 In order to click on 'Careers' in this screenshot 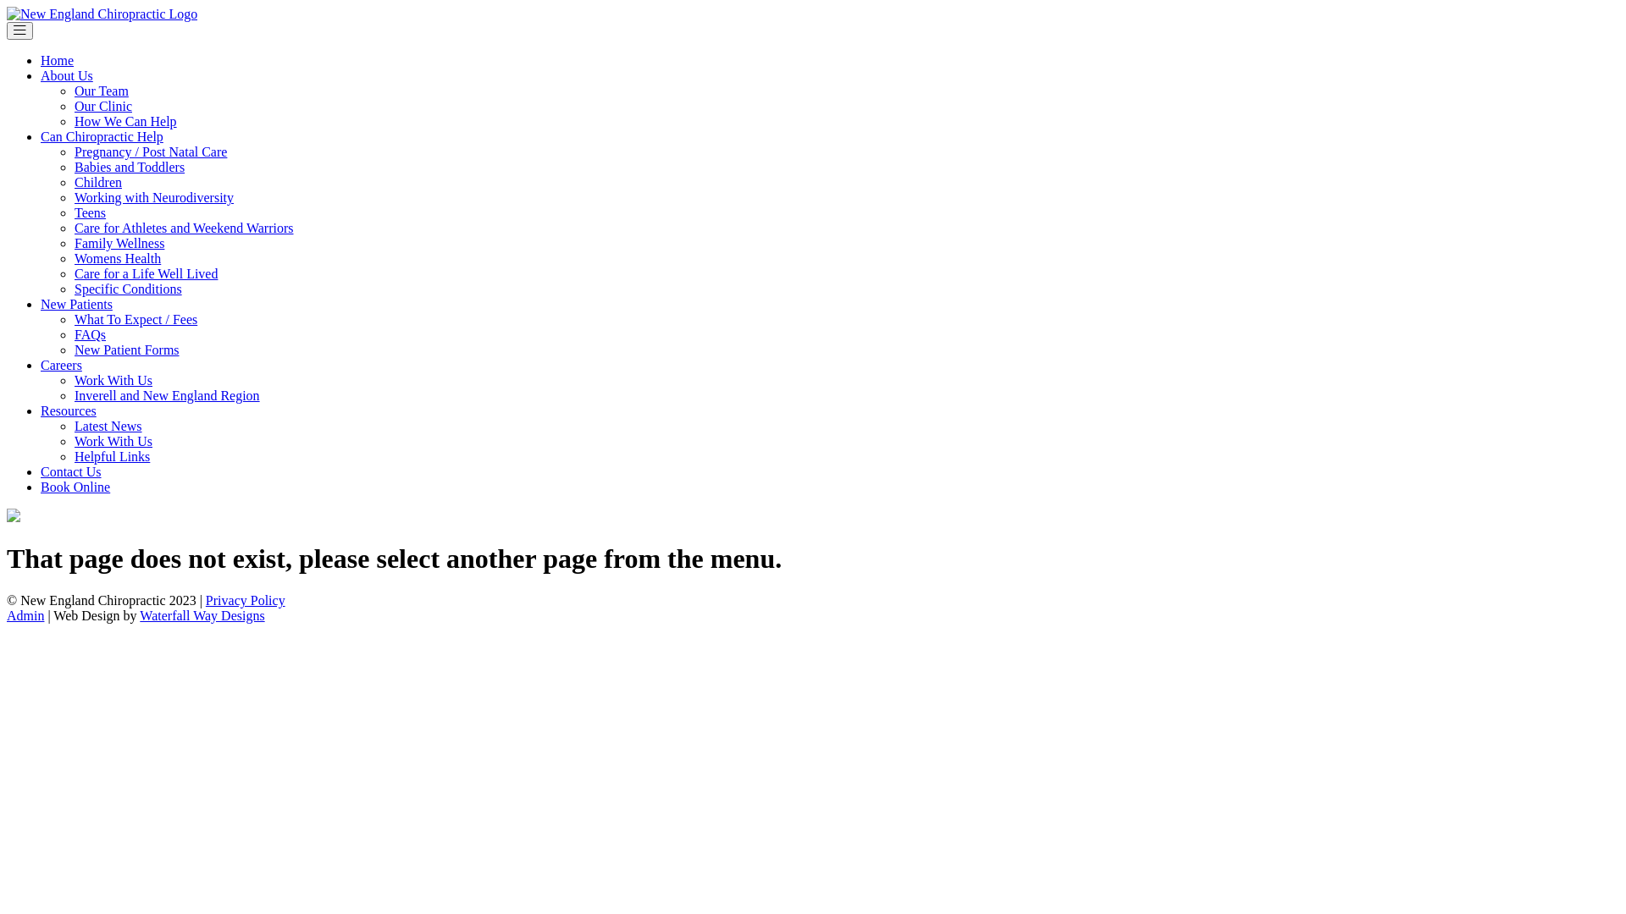, I will do `click(61, 364)`.